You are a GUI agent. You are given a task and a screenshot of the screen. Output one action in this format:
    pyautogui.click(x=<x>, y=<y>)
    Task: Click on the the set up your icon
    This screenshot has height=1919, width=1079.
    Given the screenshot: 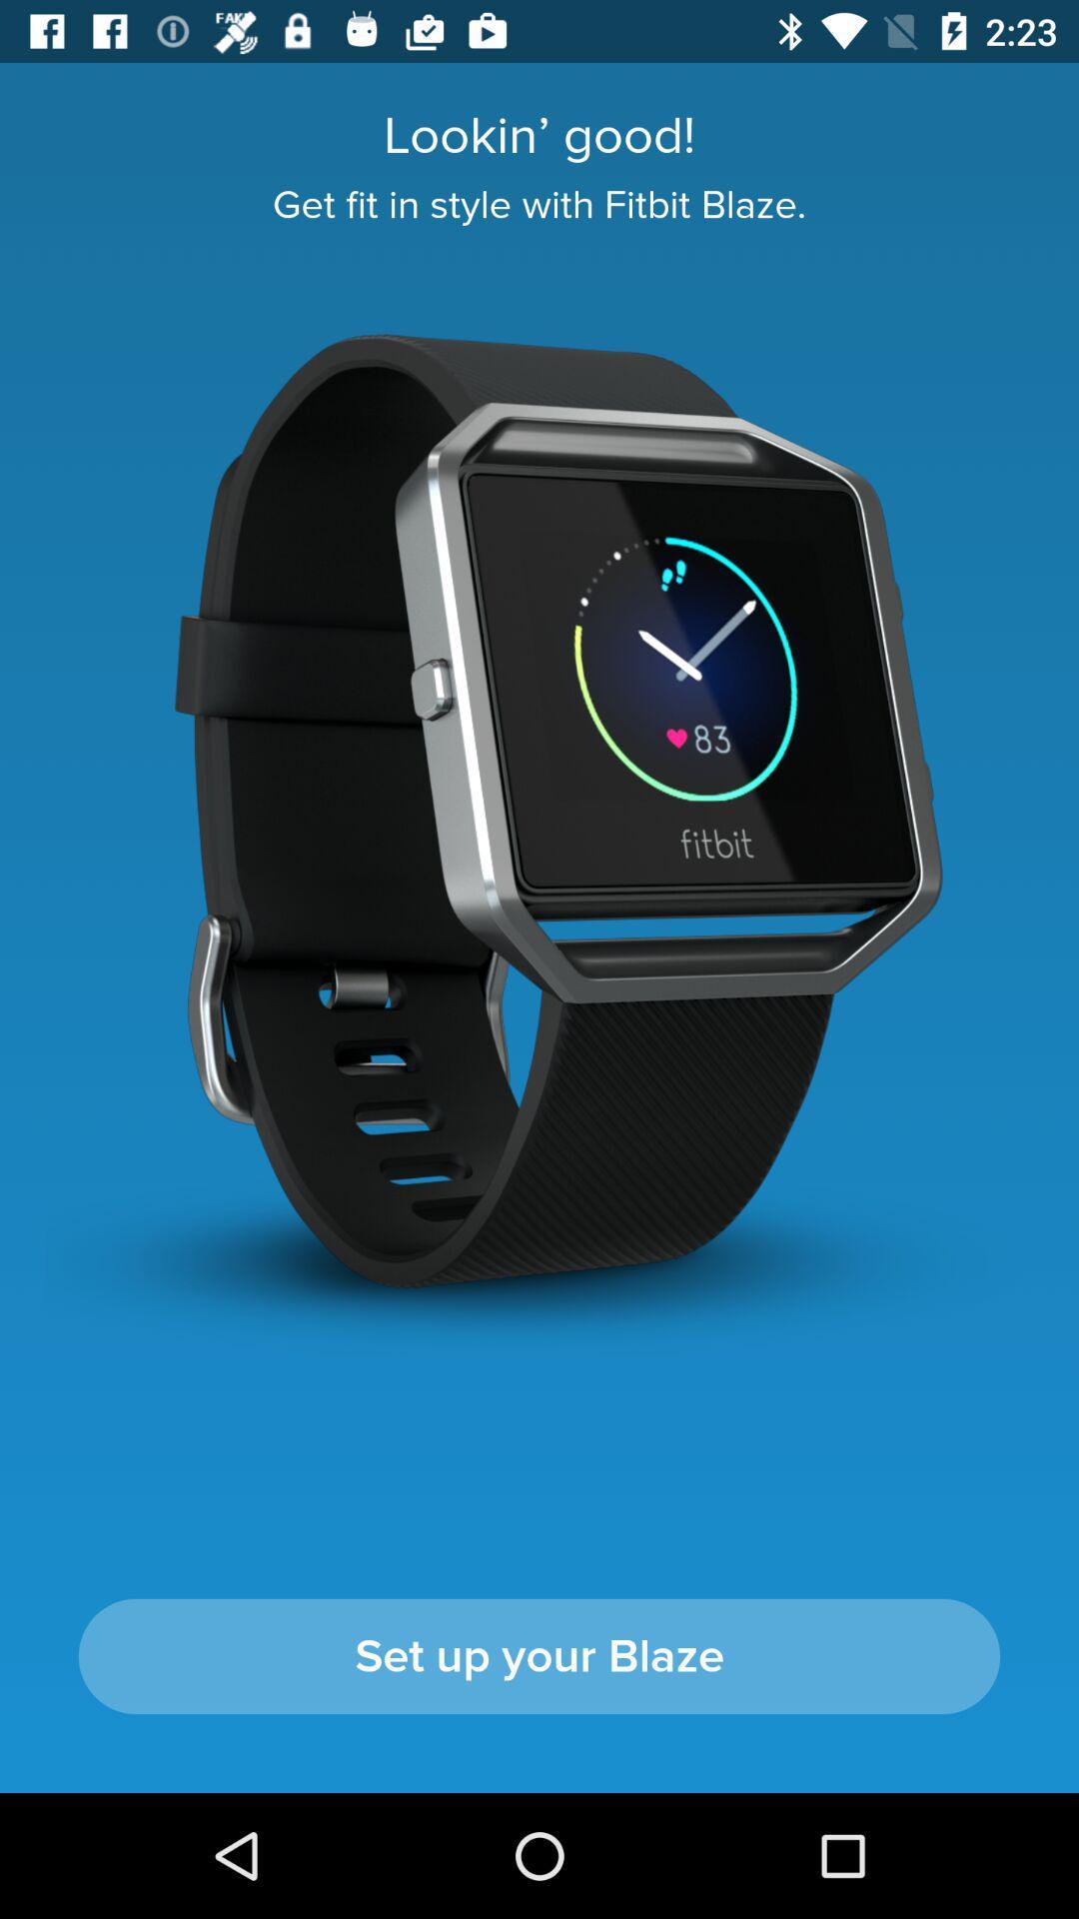 What is the action you would take?
    pyautogui.click(x=539, y=1656)
    